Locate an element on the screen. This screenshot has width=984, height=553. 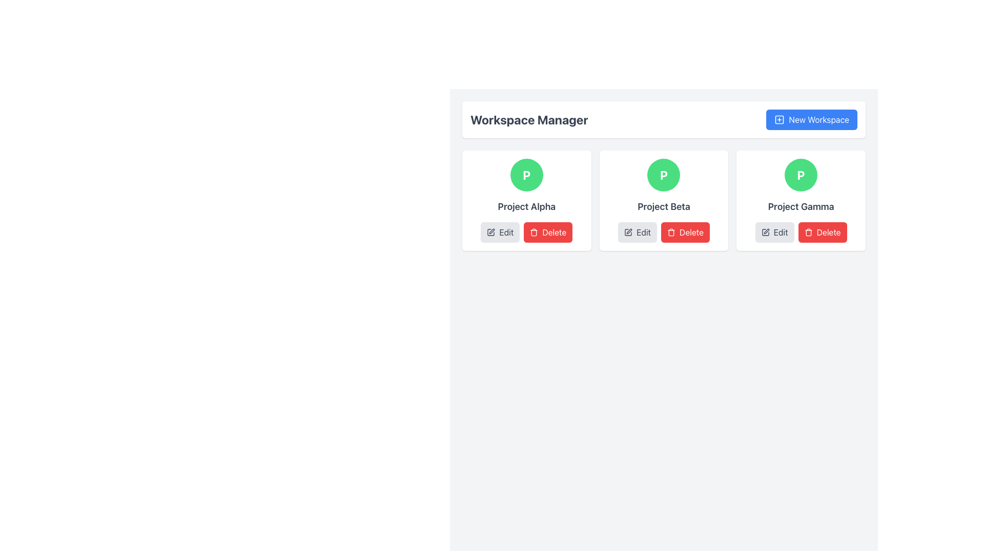
the 'Delete' button with a red background and white text, located right of the 'Edit' button in the 'Project Beta' card is located at coordinates (685, 232).